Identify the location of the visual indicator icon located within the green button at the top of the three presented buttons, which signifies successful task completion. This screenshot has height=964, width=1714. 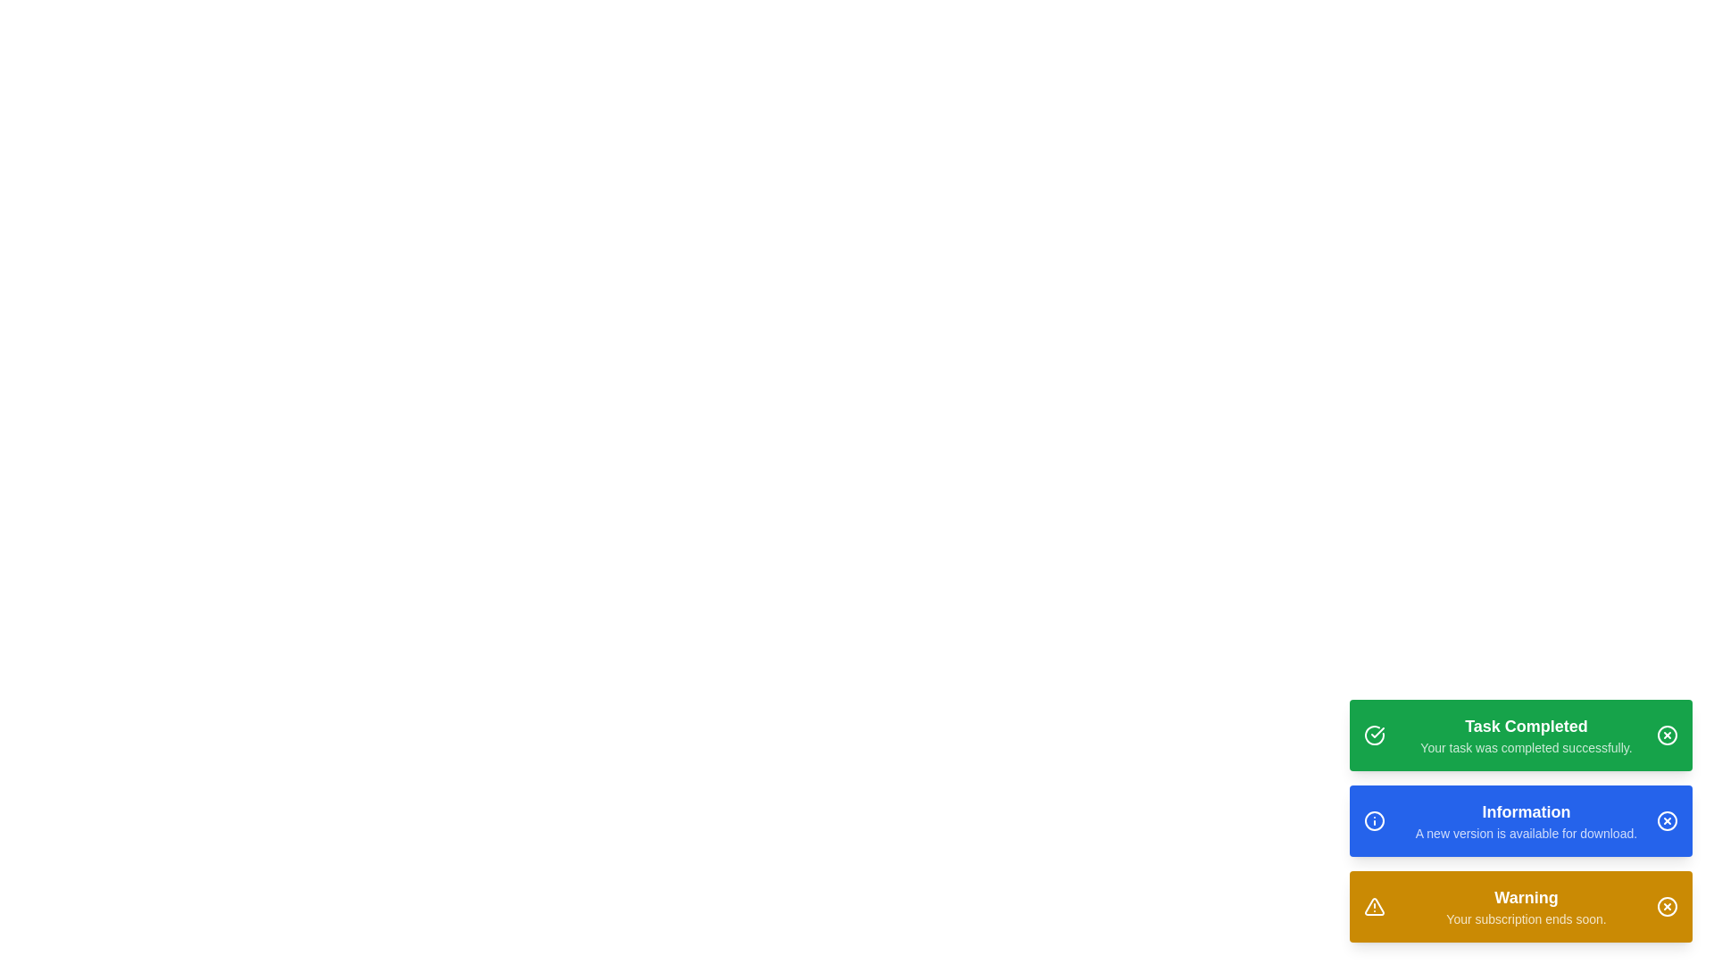
(1377, 733).